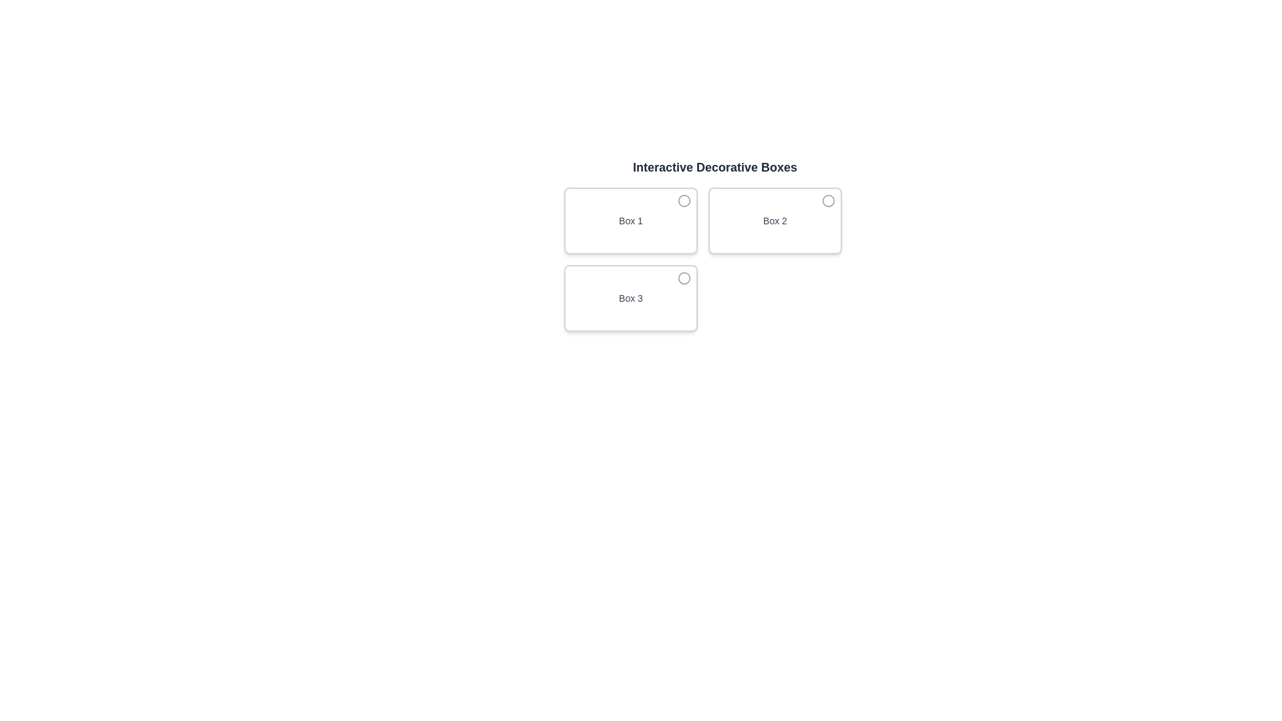 The height and width of the screenshot is (721, 1282). Describe the element at coordinates (828, 200) in the screenshot. I see `the circular icon with a hollow center, rendered as an SVG graphic, located in the top-right corner of 'Box 2'` at that location.